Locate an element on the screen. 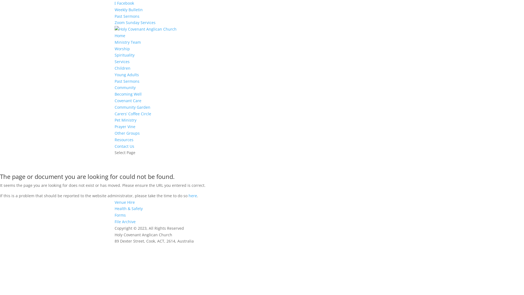  'Pet Ministry' is located at coordinates (125, 120).